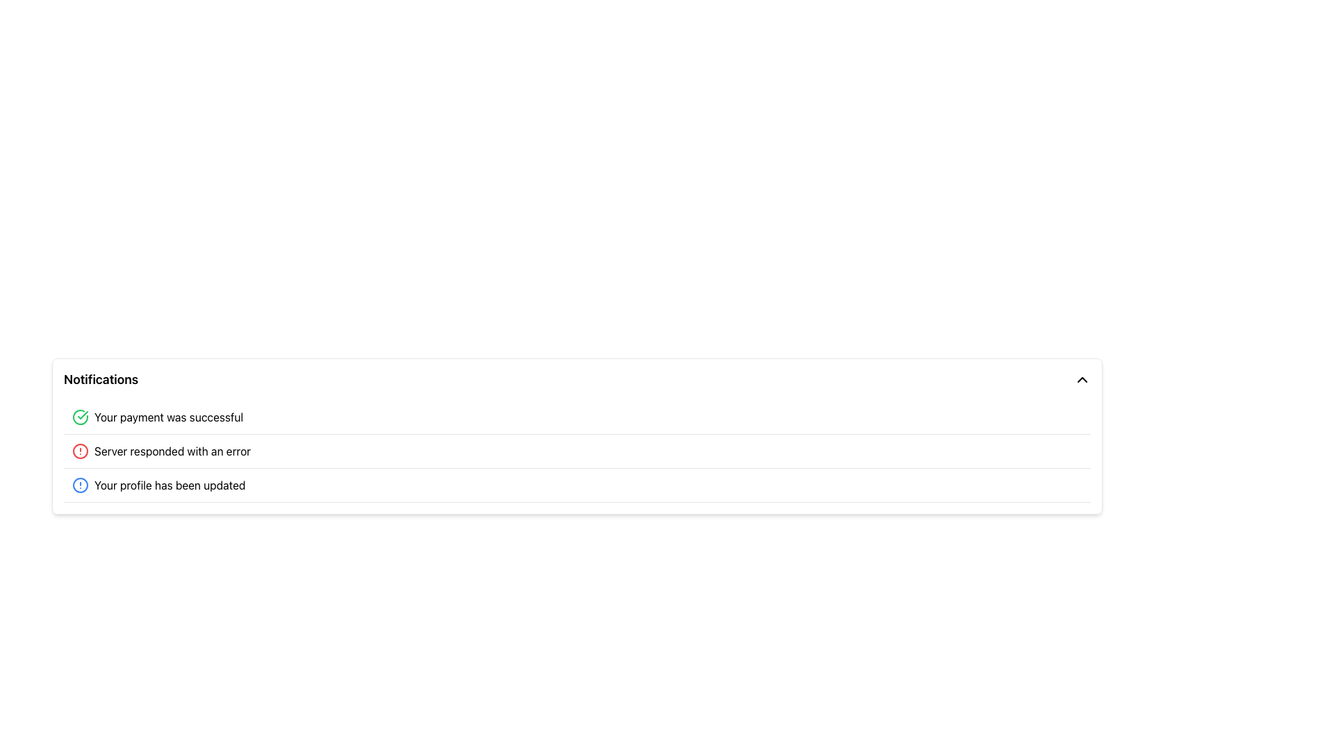 The image size is (1334, 750). I want to click on circular SVG element that serves as a background for the notification indicating 'Your profile has been updated', so click(79, 484).